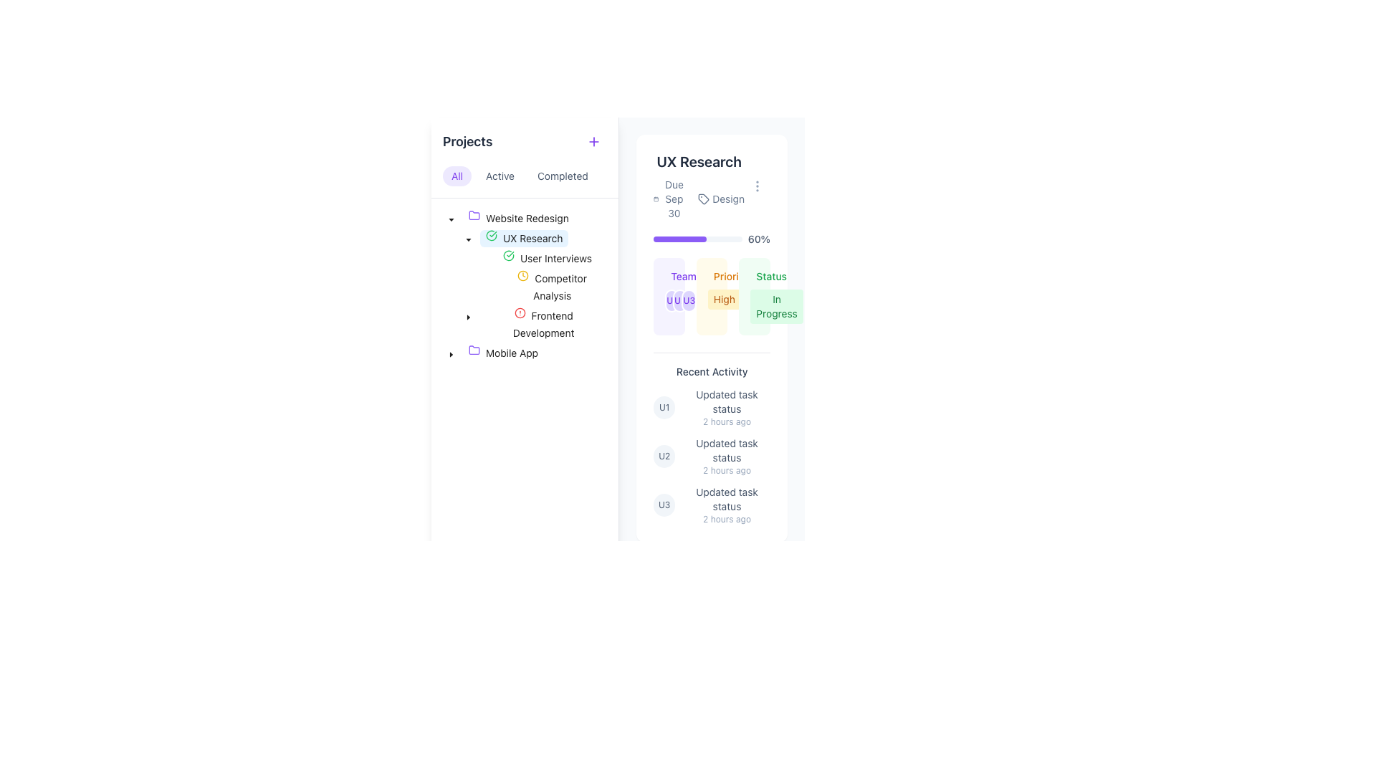 The width and height of the screenshot is (1376, 774). What do you see at coordinates (754, 276) in the screenshot?
I see `the 'Status' text label displayed in green font, located at the top-right corner of the card labeled 'UX Research'` at bounding box center [754, 276].